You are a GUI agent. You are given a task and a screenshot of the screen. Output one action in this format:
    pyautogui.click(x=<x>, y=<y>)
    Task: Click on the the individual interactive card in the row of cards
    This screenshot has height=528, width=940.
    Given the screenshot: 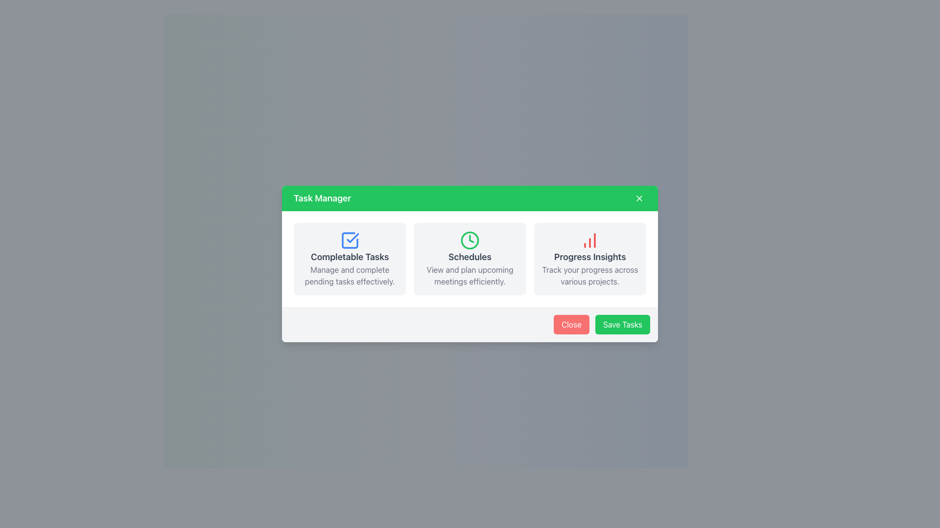 What is the action you would take?
    pyautogui.click(x=470, y=258)
    